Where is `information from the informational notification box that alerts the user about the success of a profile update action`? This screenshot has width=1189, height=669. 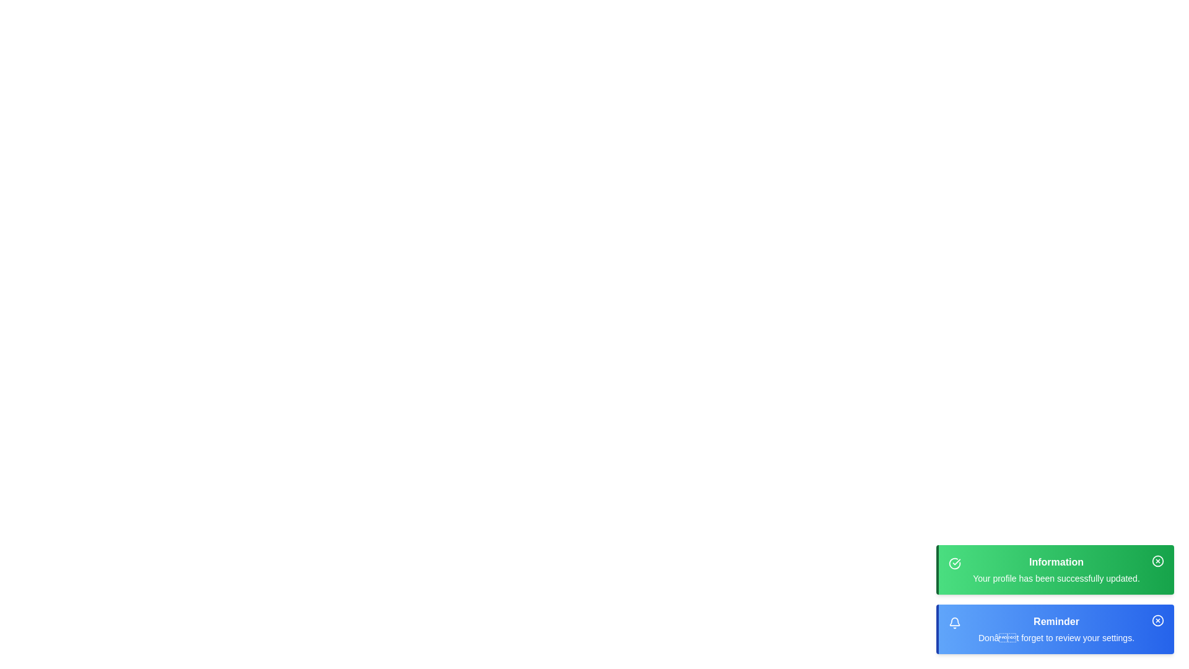 information from the informational notification box that alerts the user about the success of a profile update action is located at coordinates (1055, 570).